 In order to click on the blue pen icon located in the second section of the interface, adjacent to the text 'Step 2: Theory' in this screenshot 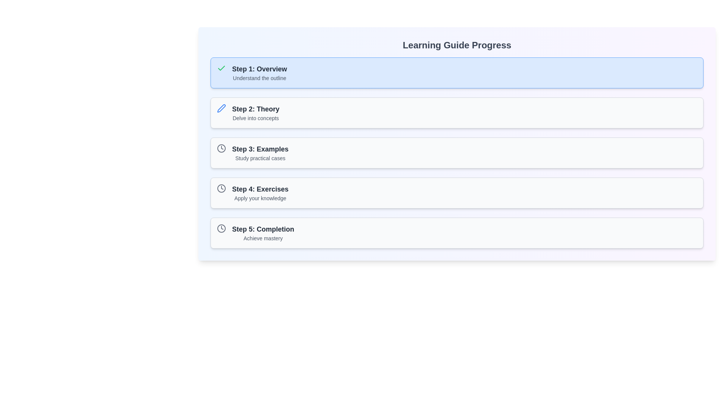, I will do `click(221, 108)`.